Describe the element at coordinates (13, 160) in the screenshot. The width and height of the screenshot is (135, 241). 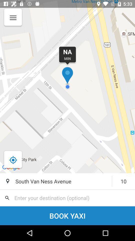
I see `the location_crosshair icon` at that location.